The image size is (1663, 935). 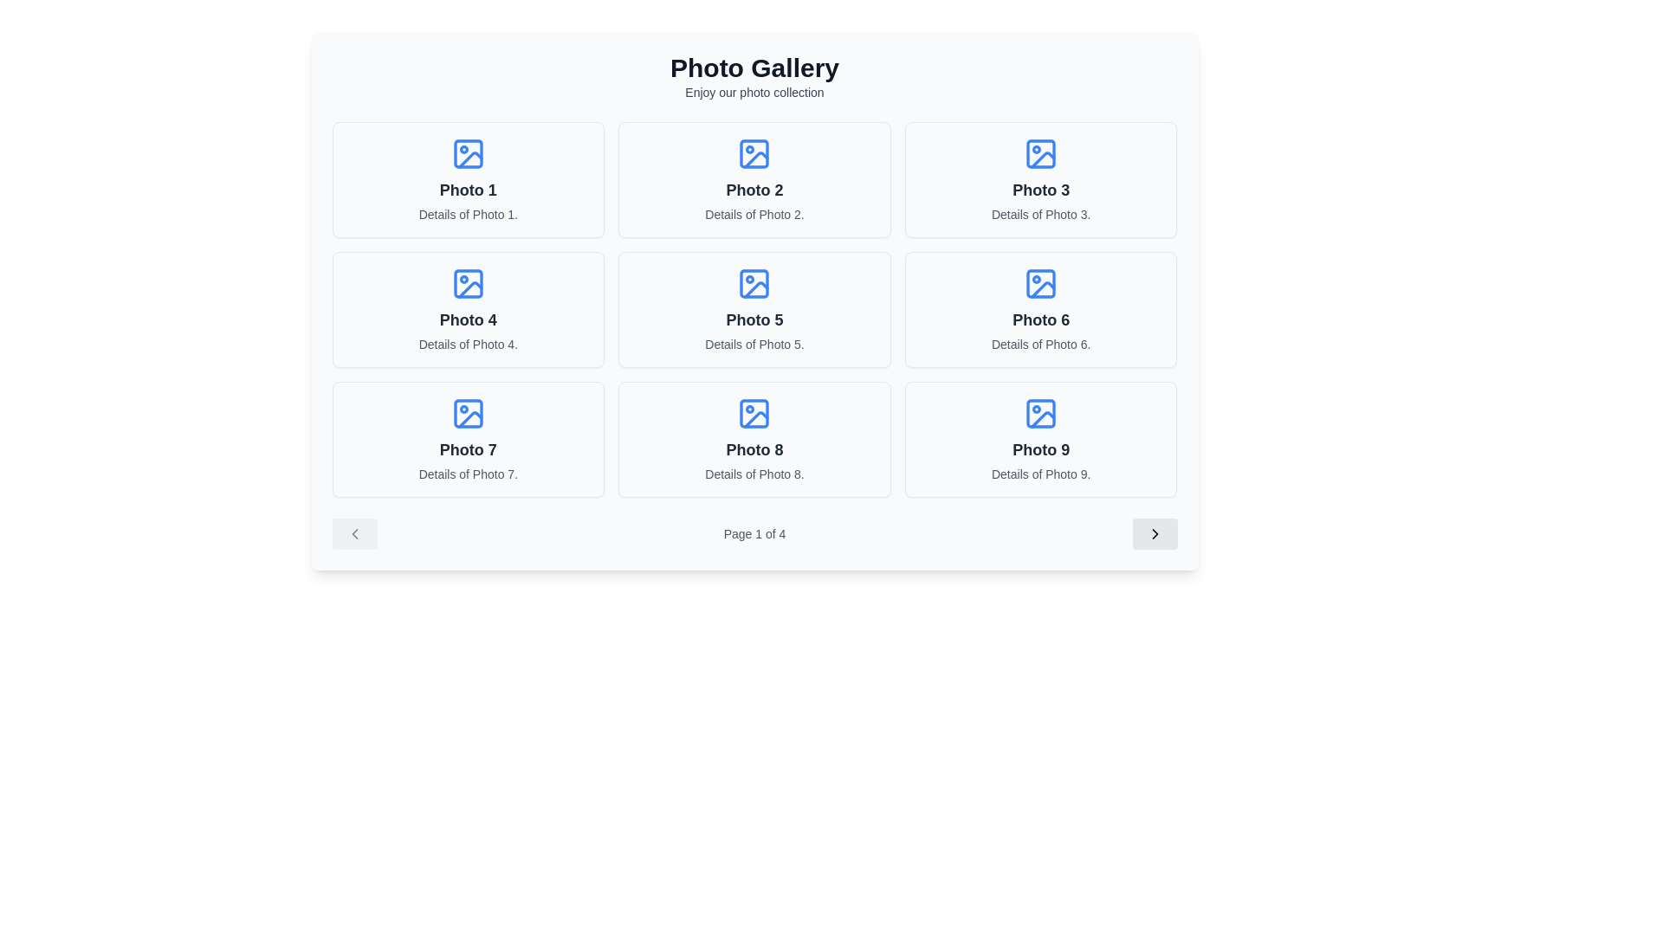 What do you see at coordinates (1040, 414) in the screenshot?
I see `the image icon representing 'Photo 9', which has a blue outline and is located above the descriptive text for 'Photo 9' in the bottom-right corner of a 3x3 grid layout` at bounding box center [1040, 414].